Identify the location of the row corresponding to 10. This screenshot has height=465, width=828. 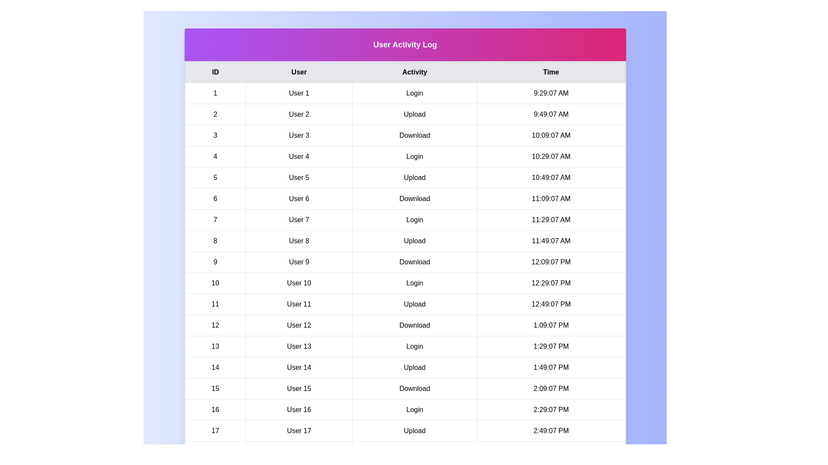
(405, 283).